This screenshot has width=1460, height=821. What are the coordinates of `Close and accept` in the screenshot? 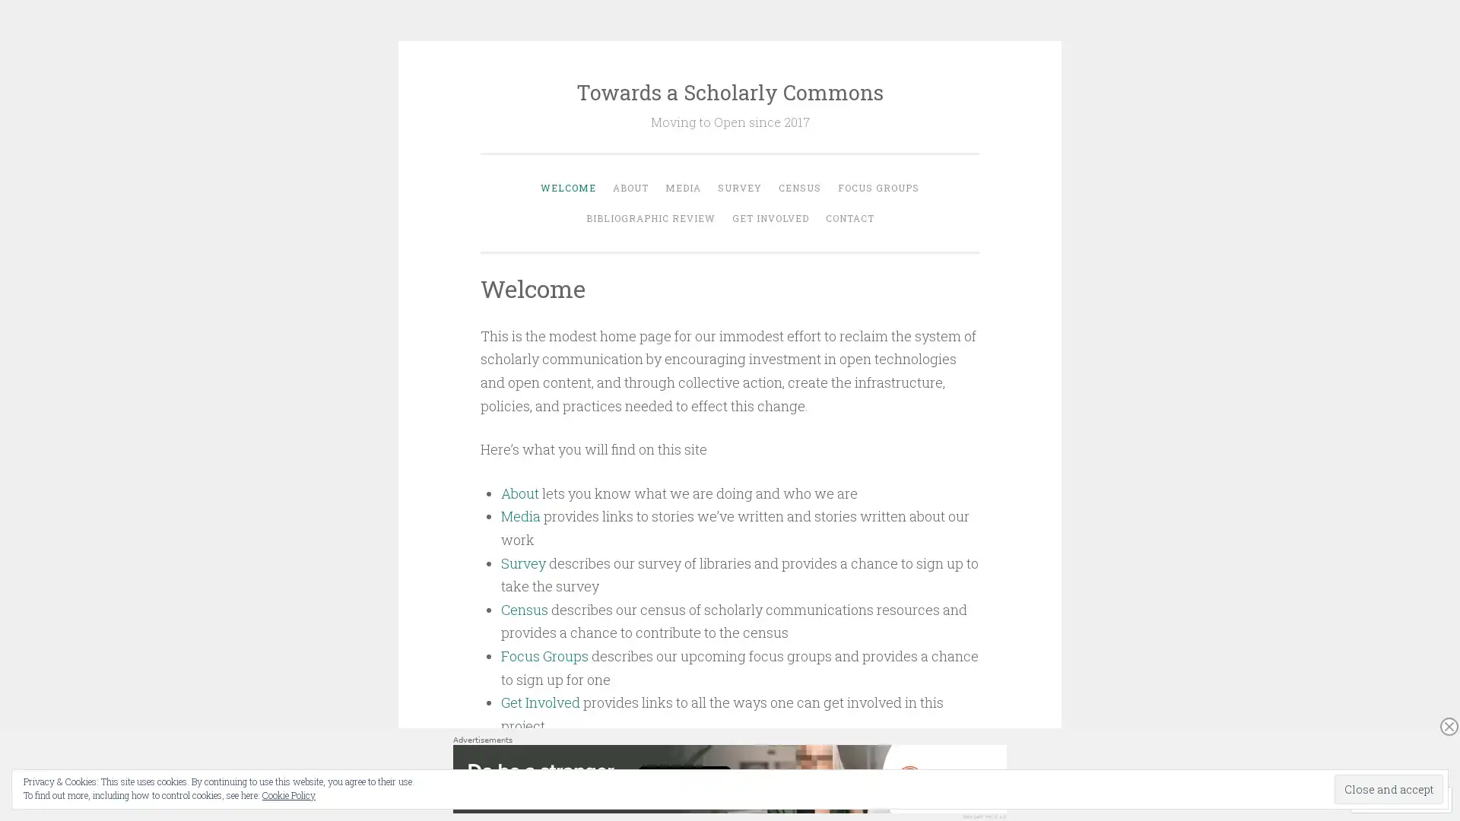 It's located at (1389, 788).